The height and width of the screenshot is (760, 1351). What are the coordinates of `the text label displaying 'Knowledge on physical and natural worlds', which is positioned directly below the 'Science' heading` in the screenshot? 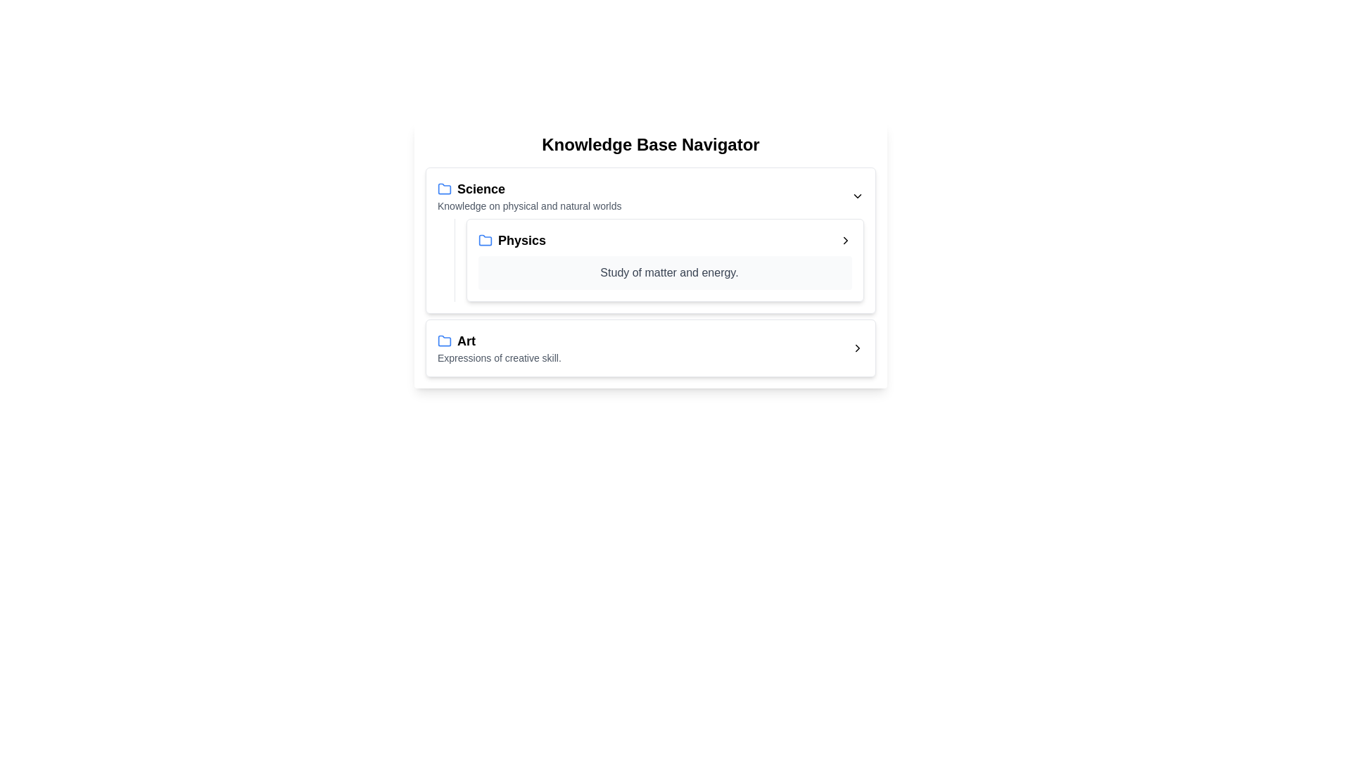 It's located at (528, 206).